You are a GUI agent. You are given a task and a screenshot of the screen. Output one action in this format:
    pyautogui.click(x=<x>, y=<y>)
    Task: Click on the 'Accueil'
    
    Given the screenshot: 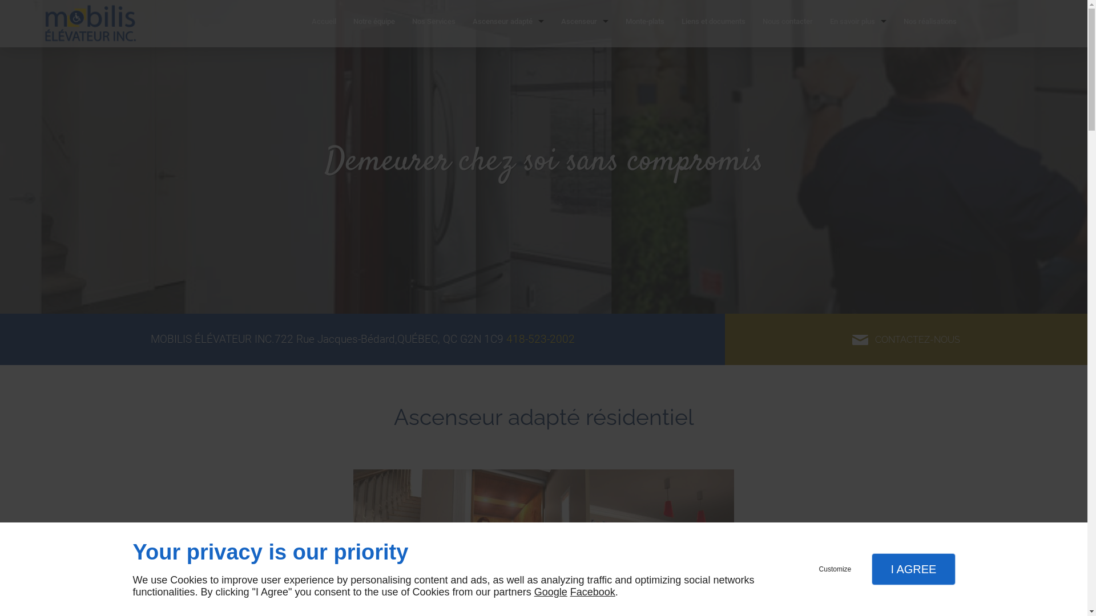 What is the action you would take?
    pyautogui.click(x=303, y=23)
    